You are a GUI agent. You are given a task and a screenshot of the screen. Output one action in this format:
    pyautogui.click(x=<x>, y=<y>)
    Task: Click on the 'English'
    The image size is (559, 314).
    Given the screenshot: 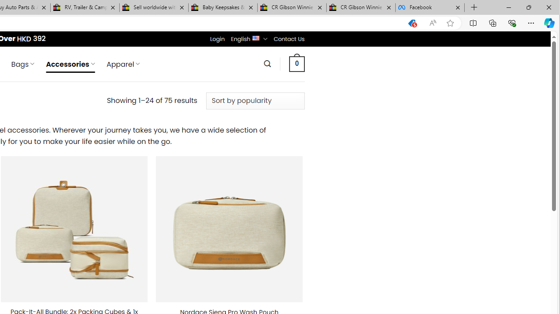 What is the action you would take?
    pyautogui.click(x=255, y=37)
    